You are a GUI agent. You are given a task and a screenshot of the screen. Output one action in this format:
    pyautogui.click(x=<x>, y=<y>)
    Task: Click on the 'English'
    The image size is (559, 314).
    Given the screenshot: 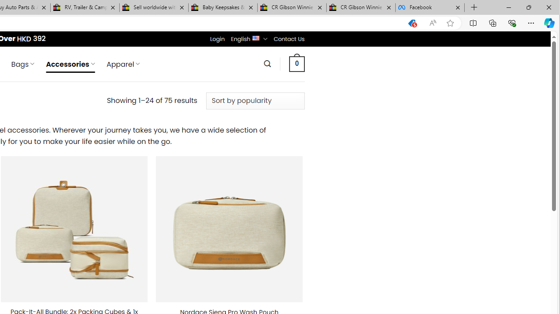 What is the action you would take?
    pyautogui.click(x=255, y=37)
    